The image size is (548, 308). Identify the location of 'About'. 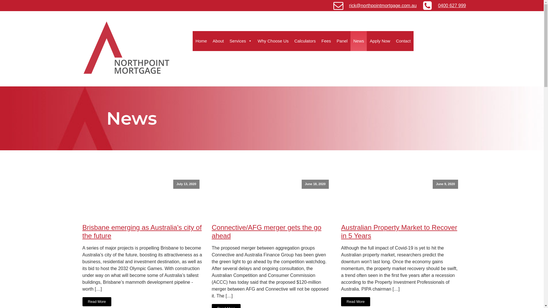
(218, 40).